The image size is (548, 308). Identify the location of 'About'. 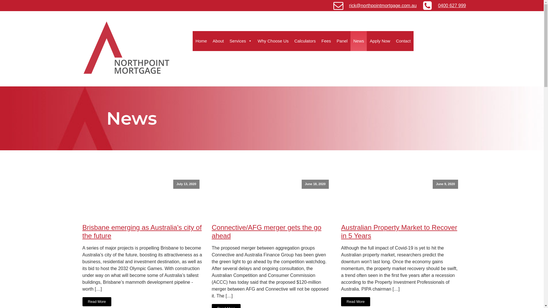
(218, 40).